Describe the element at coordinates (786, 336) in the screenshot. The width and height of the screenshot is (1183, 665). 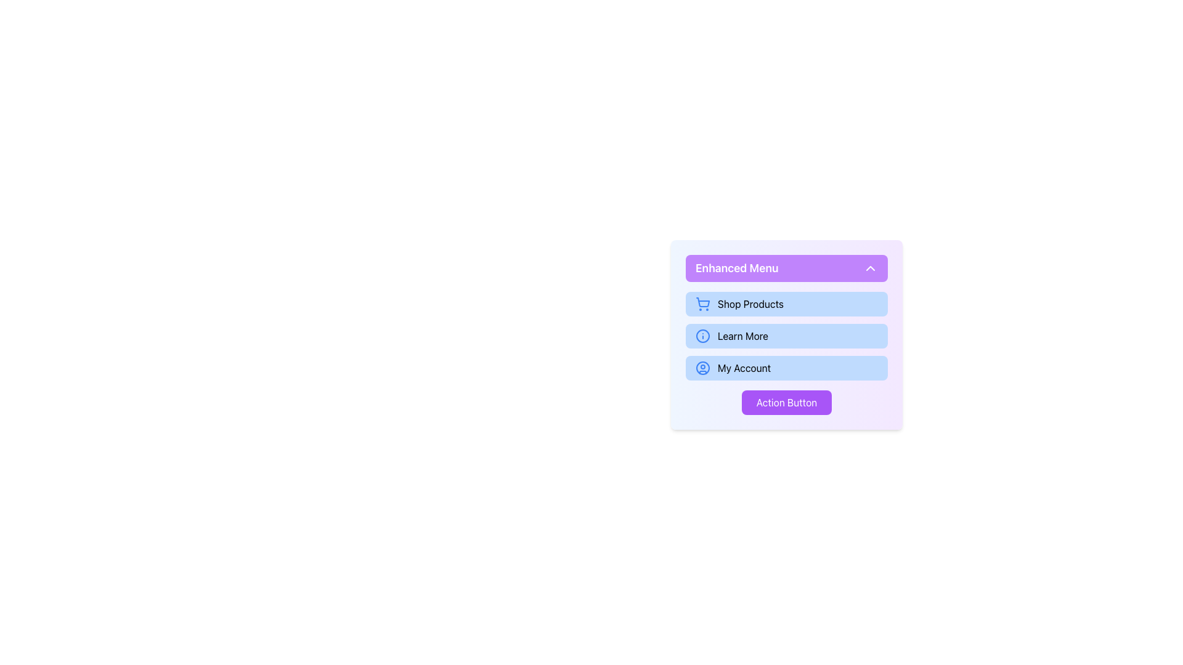
I see `the second button in the vertical sequence of three buttons in the lower-right quadrant` at that location.